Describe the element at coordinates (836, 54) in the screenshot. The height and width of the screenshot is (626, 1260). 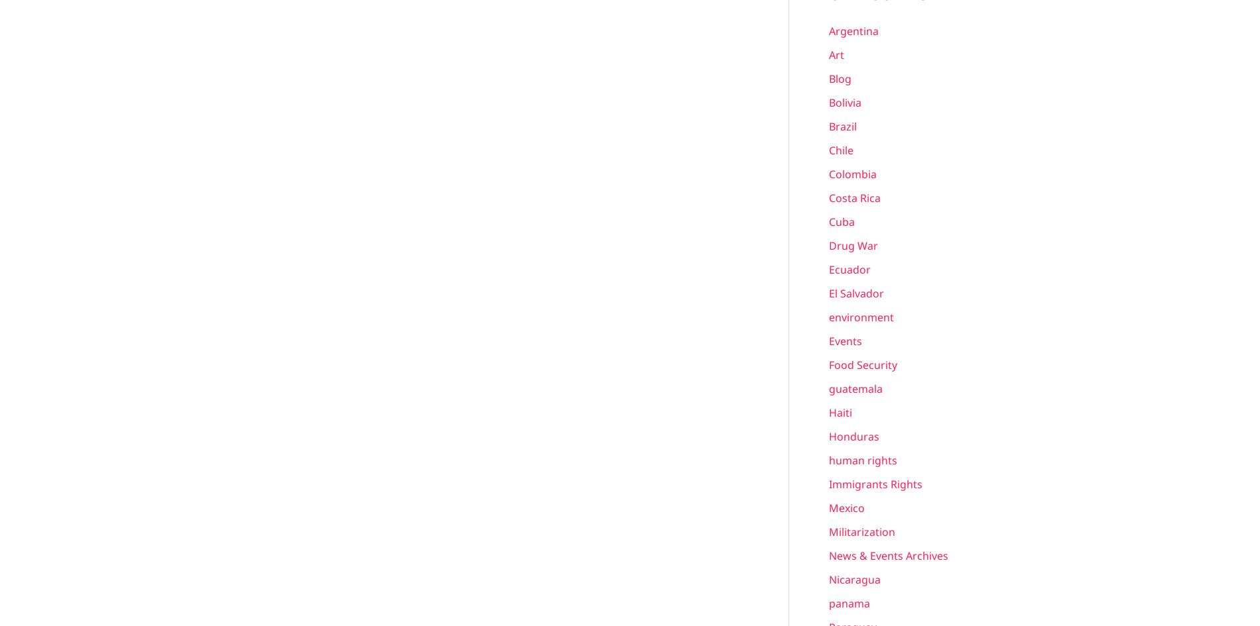
I see `'Art'` at that location.